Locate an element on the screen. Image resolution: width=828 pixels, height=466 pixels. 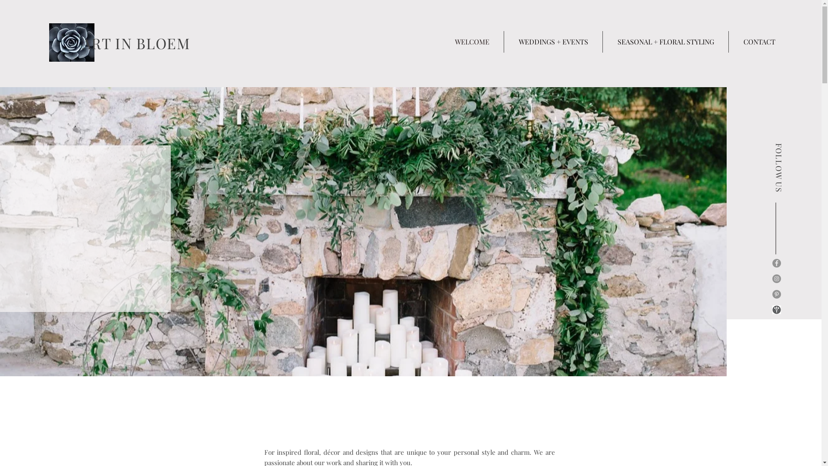
'ART IN BLOEM' is located at coordinates (82, 43).